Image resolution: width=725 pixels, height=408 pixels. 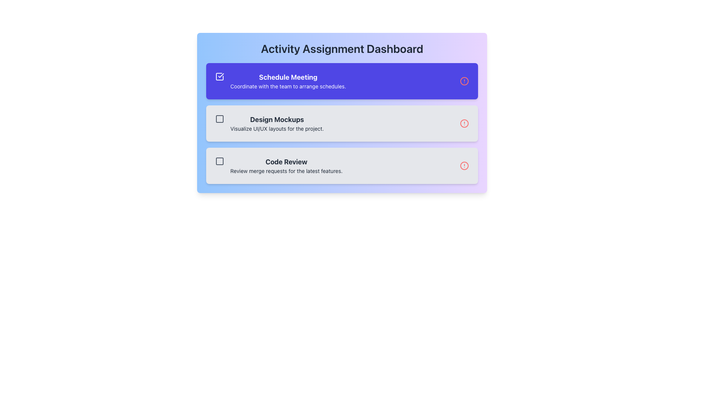 What do you see at coordinates (464, 81) in the screenshot?
I see `the alert notification icon located at the top-right corner of the 'Schedule Meeting' pane in the 'Activity Assignment Dashboard'` at bounding box center [464, 81].